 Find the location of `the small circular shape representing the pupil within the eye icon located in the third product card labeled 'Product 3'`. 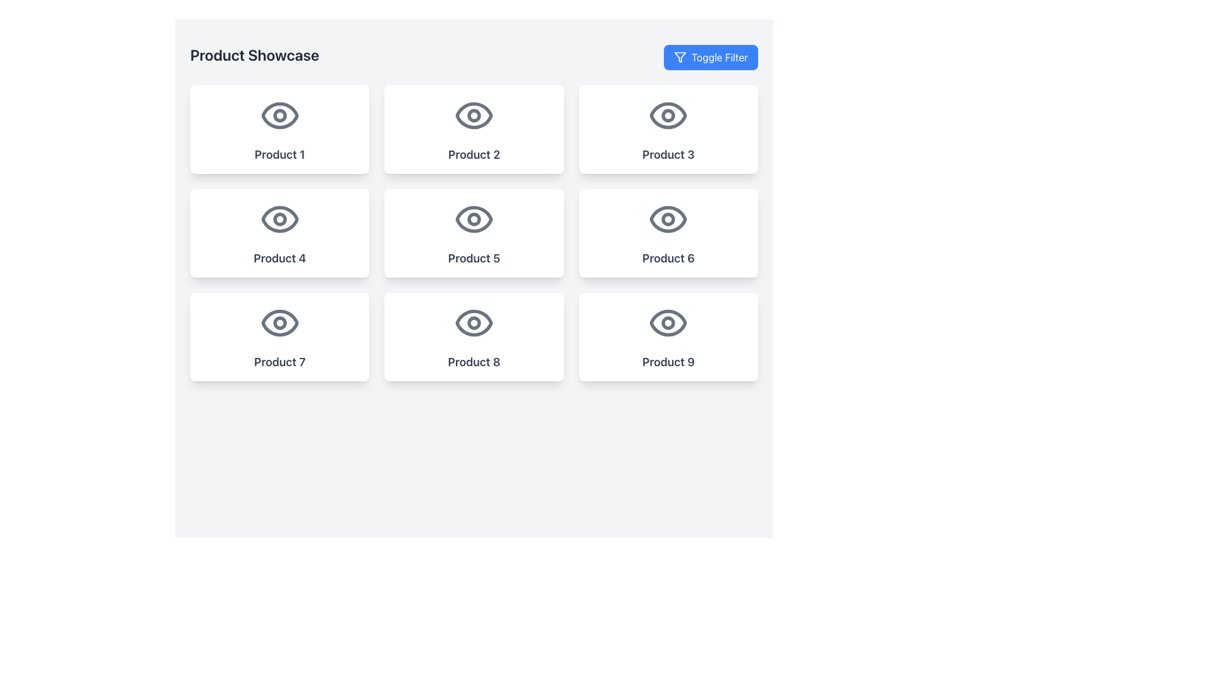

the small circular shape representing the pupil within the eye icon located in the third product card labeled 'Product 3' is located at coordinates (668, 115).